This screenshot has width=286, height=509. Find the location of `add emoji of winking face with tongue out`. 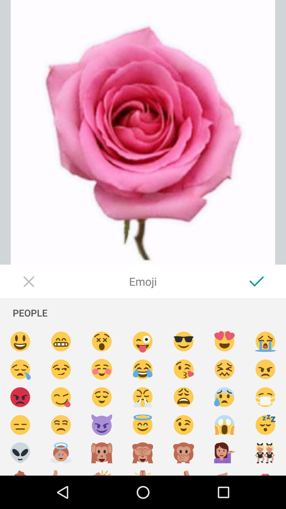

add emoji of winking face with tongue out is located at coordinates (142, 341).